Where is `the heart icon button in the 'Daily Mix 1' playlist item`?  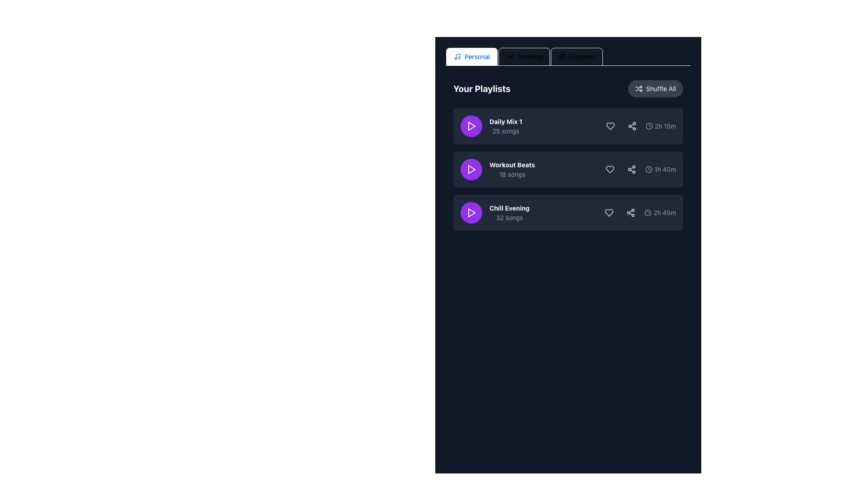
the heart icon button in the 'Daily Mix 1' playlist item is located at coordinates (610, 126).